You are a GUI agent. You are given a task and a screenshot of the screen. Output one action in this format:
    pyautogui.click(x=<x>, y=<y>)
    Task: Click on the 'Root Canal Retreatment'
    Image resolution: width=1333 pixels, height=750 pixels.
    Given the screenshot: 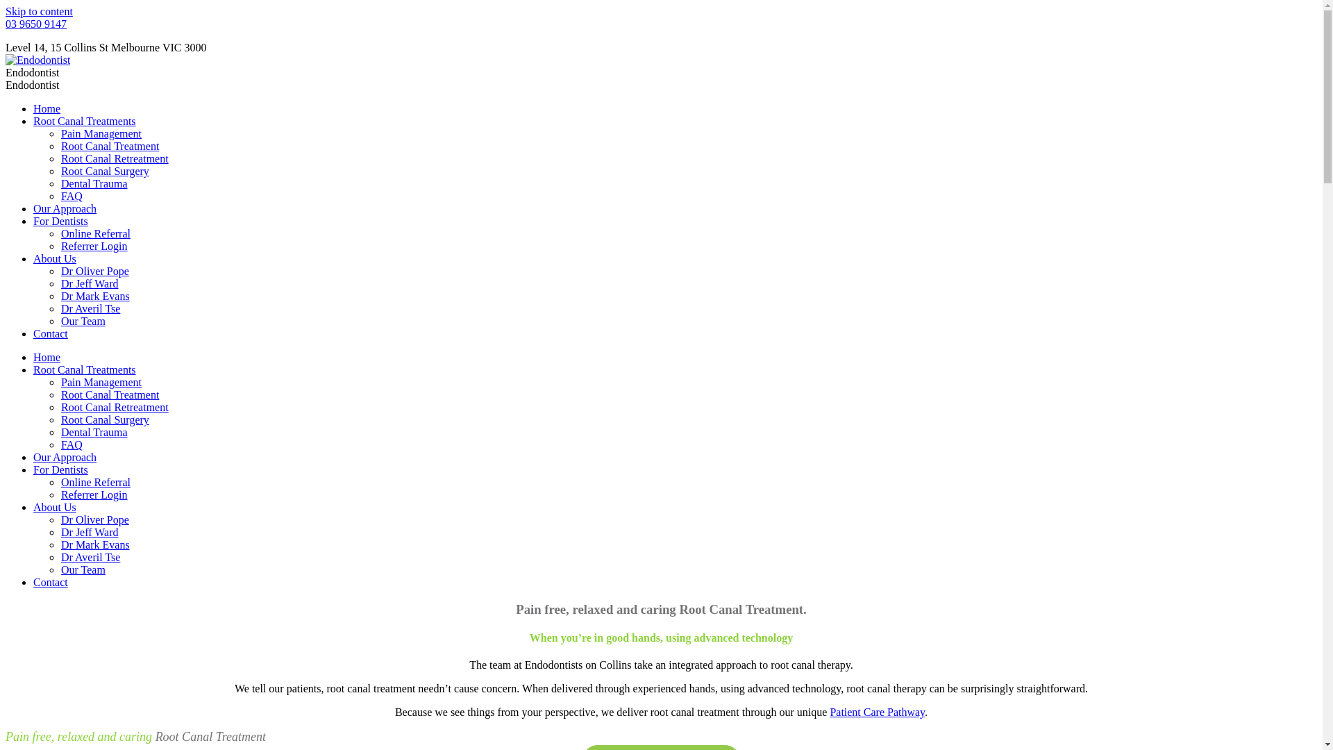 What is the action you would take?
    pyautogui.click(x=115, y=406)
    